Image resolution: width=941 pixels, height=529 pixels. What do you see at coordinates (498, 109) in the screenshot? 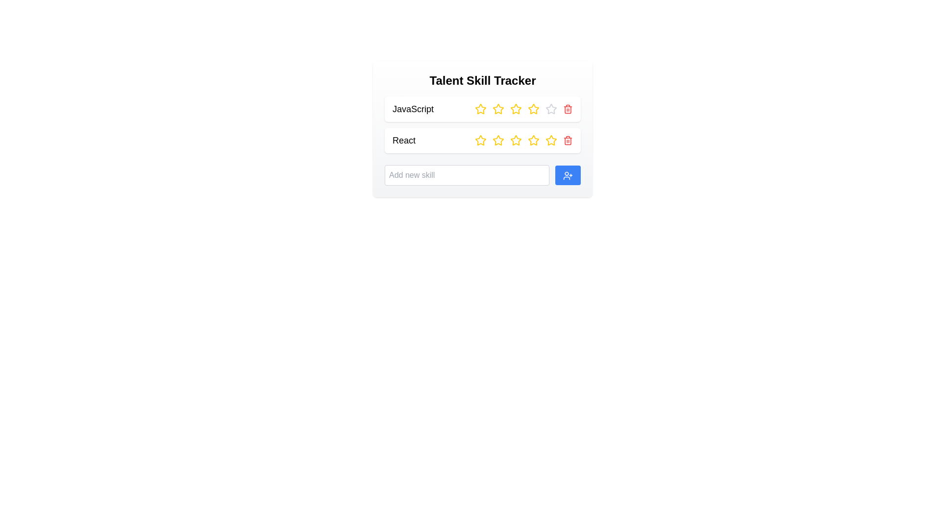
I see `the second star icon in the Talent Skill Tracker panel to perform rating operations` at bounding box center [498, 109].